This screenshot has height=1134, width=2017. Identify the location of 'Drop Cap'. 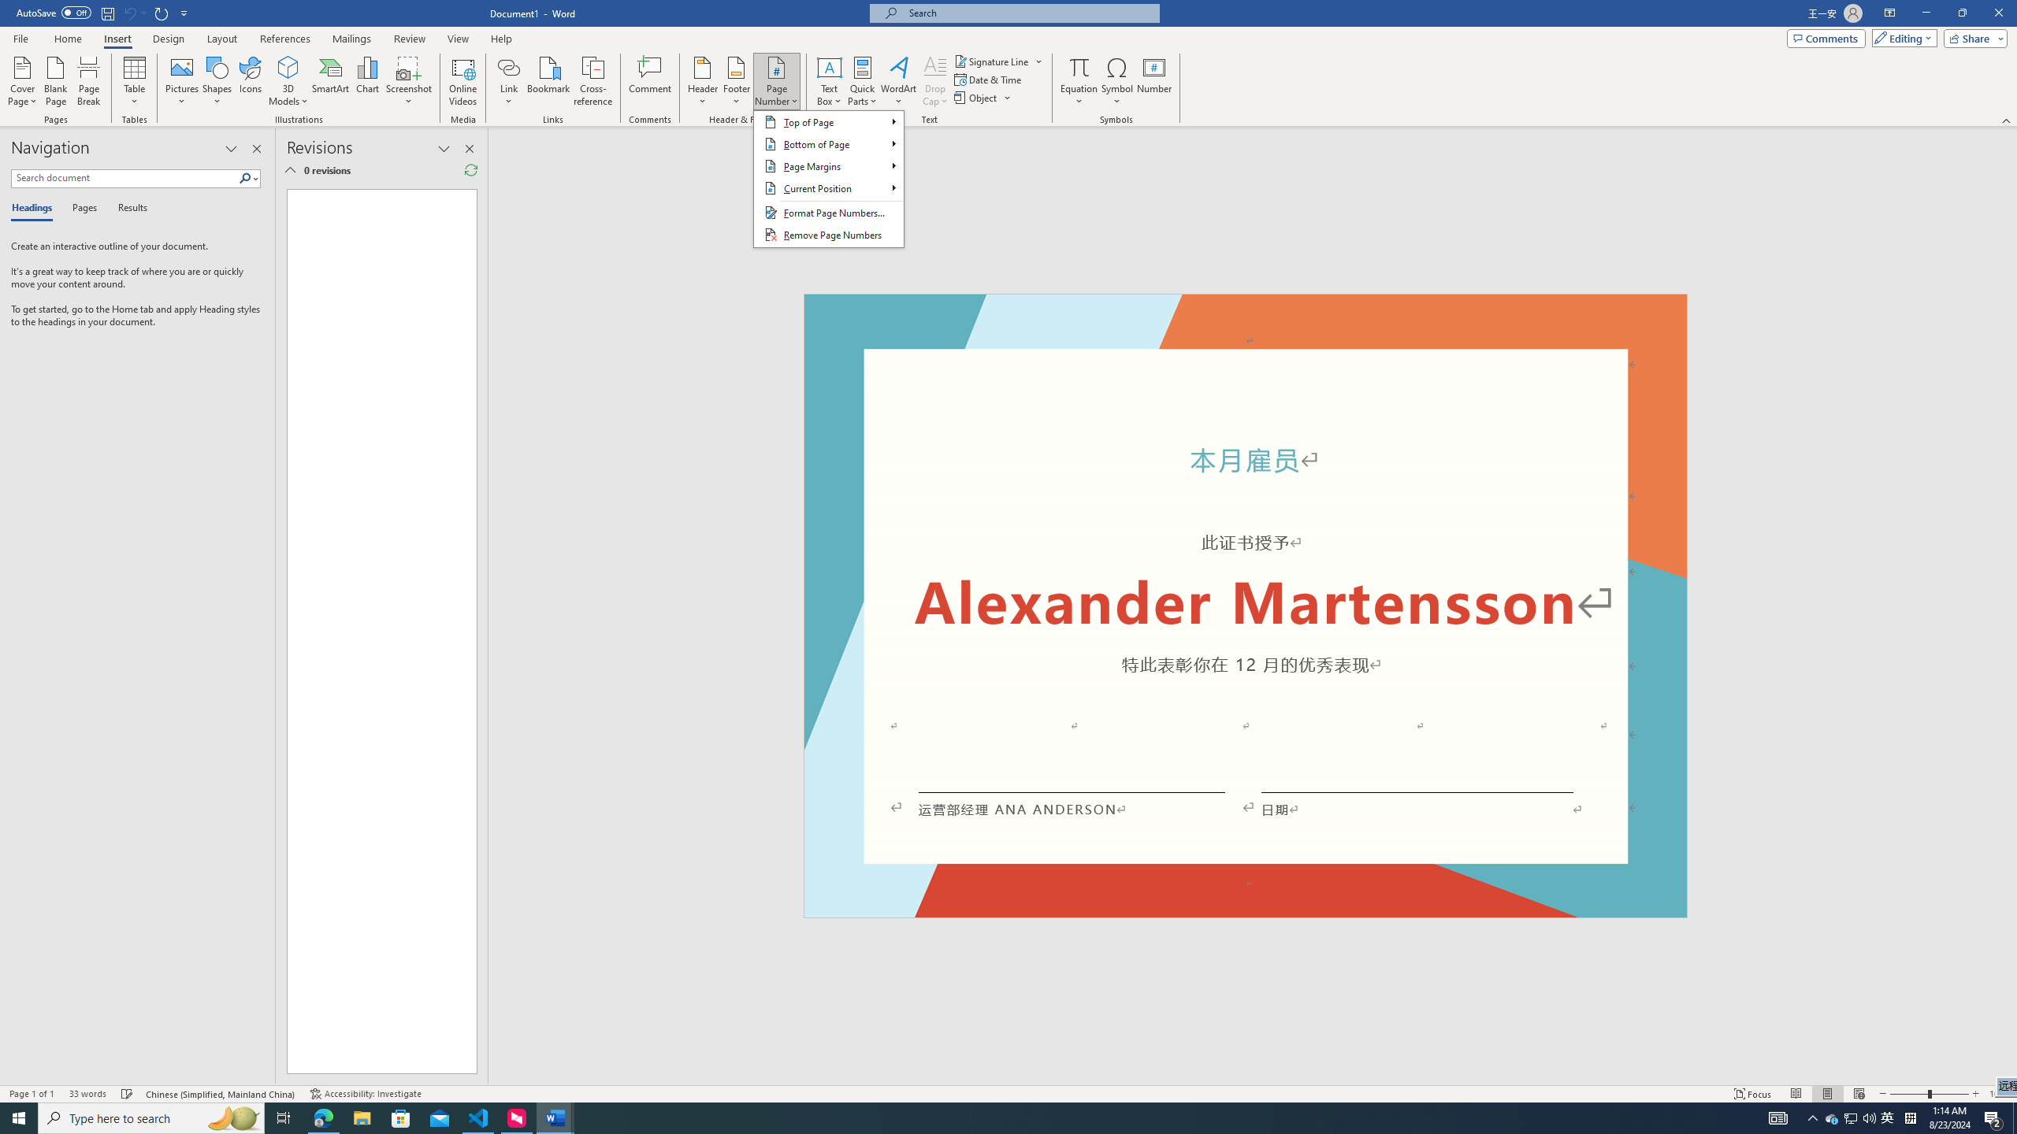
(934, 81).